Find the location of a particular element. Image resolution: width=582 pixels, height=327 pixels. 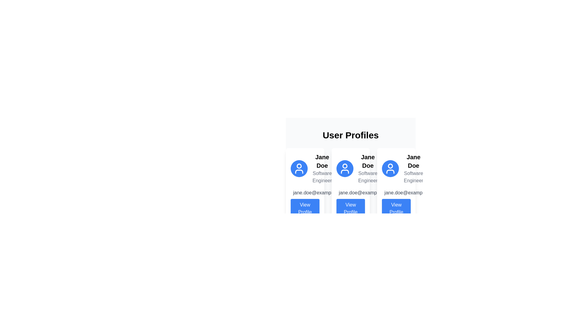

the static text label displaying 'Software Engineer', which is located directly beneath the name 'Jane Doe' in the third profile card is located at coordinates (413, 177).